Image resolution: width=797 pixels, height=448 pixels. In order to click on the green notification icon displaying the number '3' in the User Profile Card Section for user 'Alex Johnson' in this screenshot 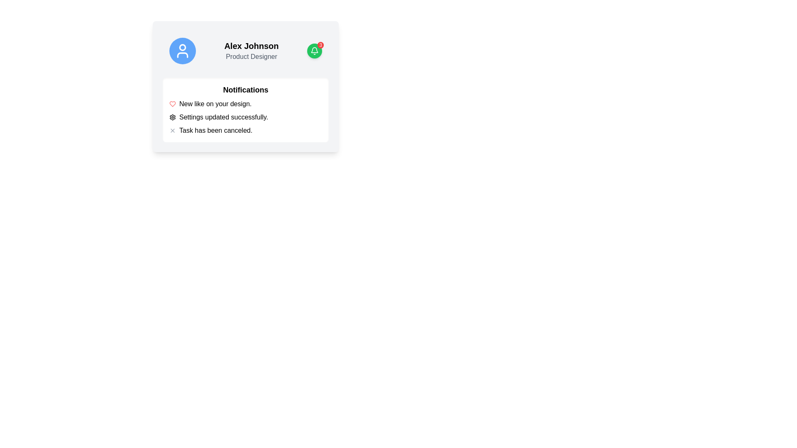, I will do `click(245, 51)`.